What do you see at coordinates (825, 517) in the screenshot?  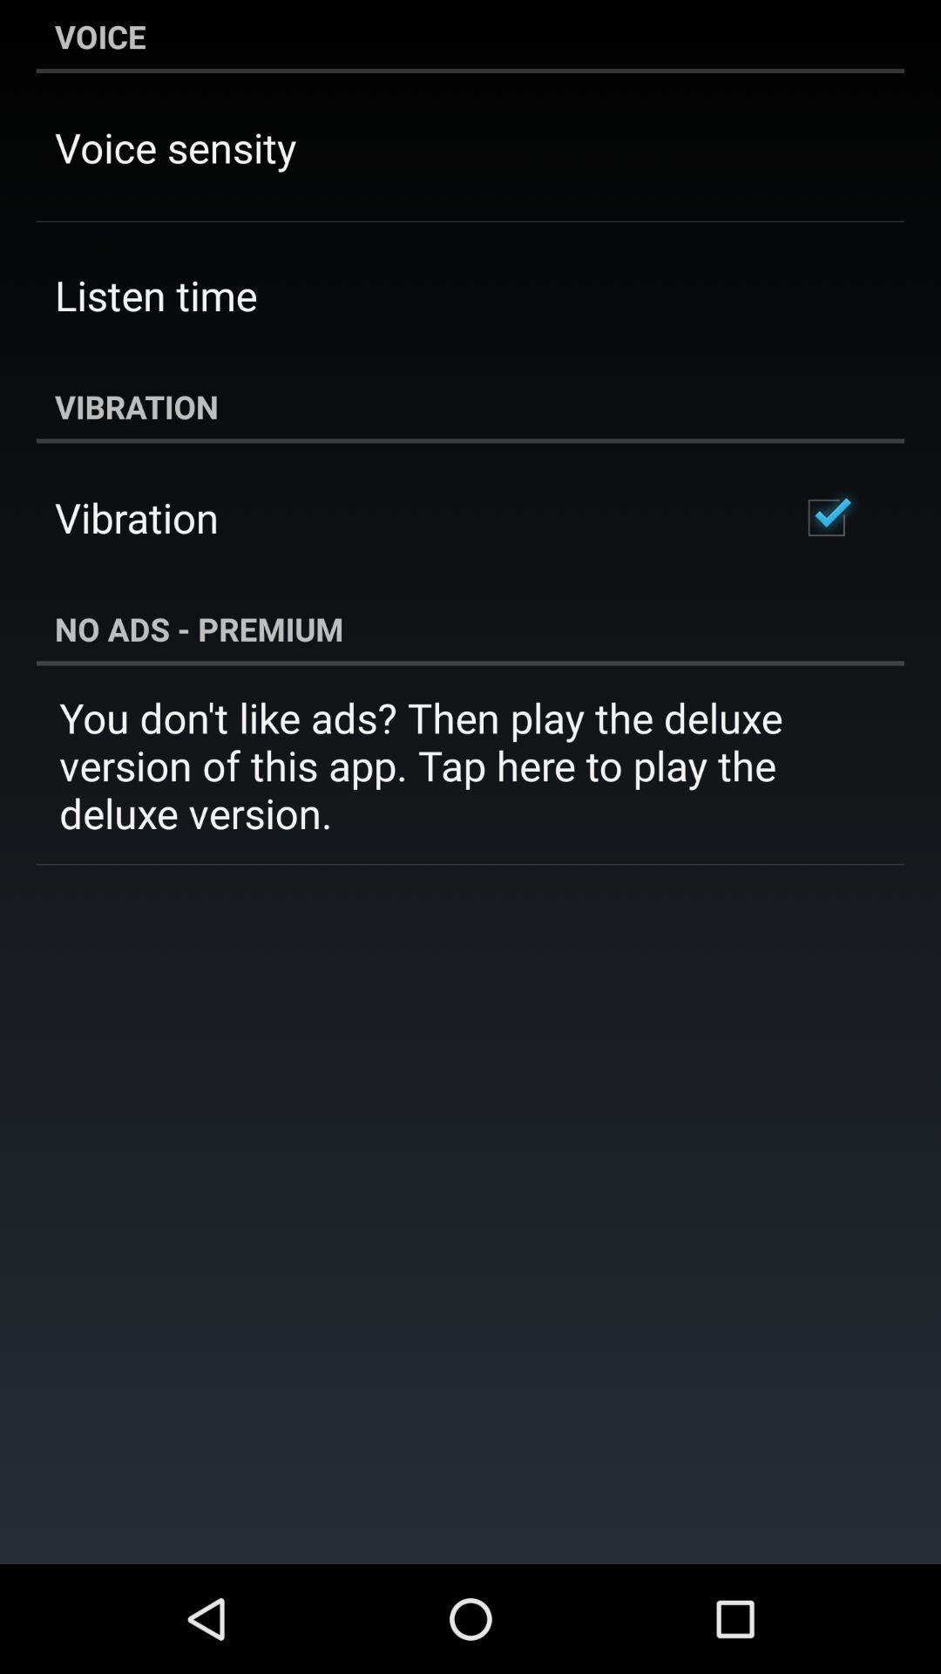 I see `the app next to the vibration item` at bounding box center [825, 517].